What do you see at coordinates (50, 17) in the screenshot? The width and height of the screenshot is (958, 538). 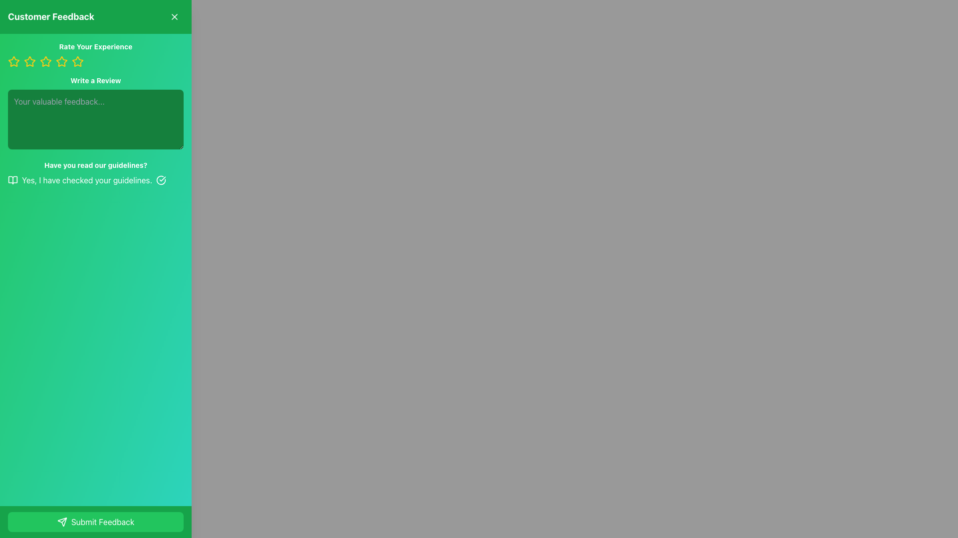 I see `'Customer Feedback' textual header that is bold and white on a green background, positioned at the top-left of the frame` at bounding box center [50, 17].